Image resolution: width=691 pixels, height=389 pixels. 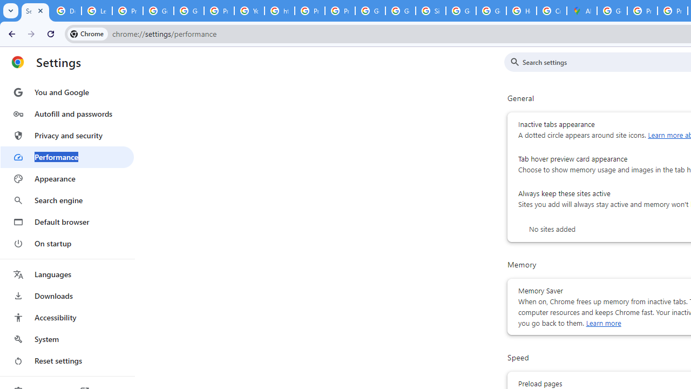 I want to click on 'Accessibility', so click(x=66, y=317).